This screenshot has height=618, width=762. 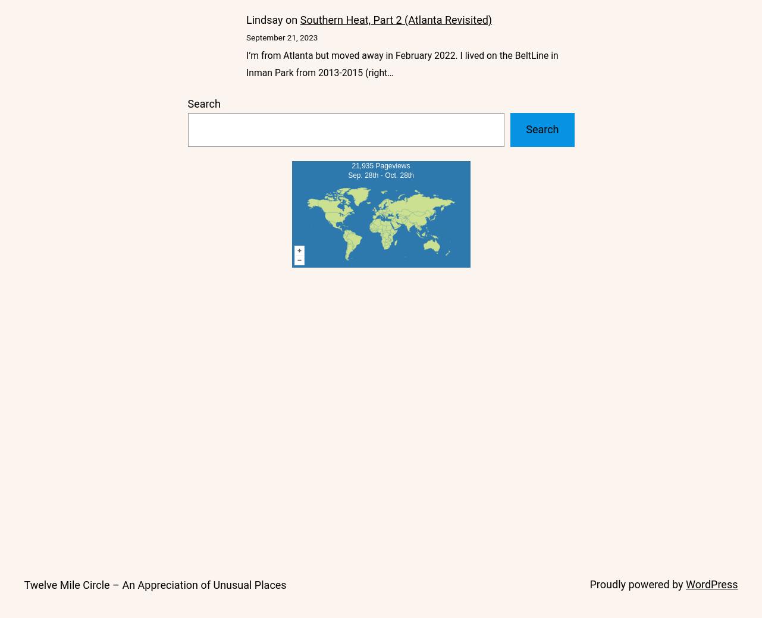 What do you see at coordinates (401, 63) in the screenshot?
I see `'I’m from Atlanta but moved away in February 2022. I lived on the BeltLine in Inman Park from 2013-2015 (right…'` at bounding box center [401, 63].